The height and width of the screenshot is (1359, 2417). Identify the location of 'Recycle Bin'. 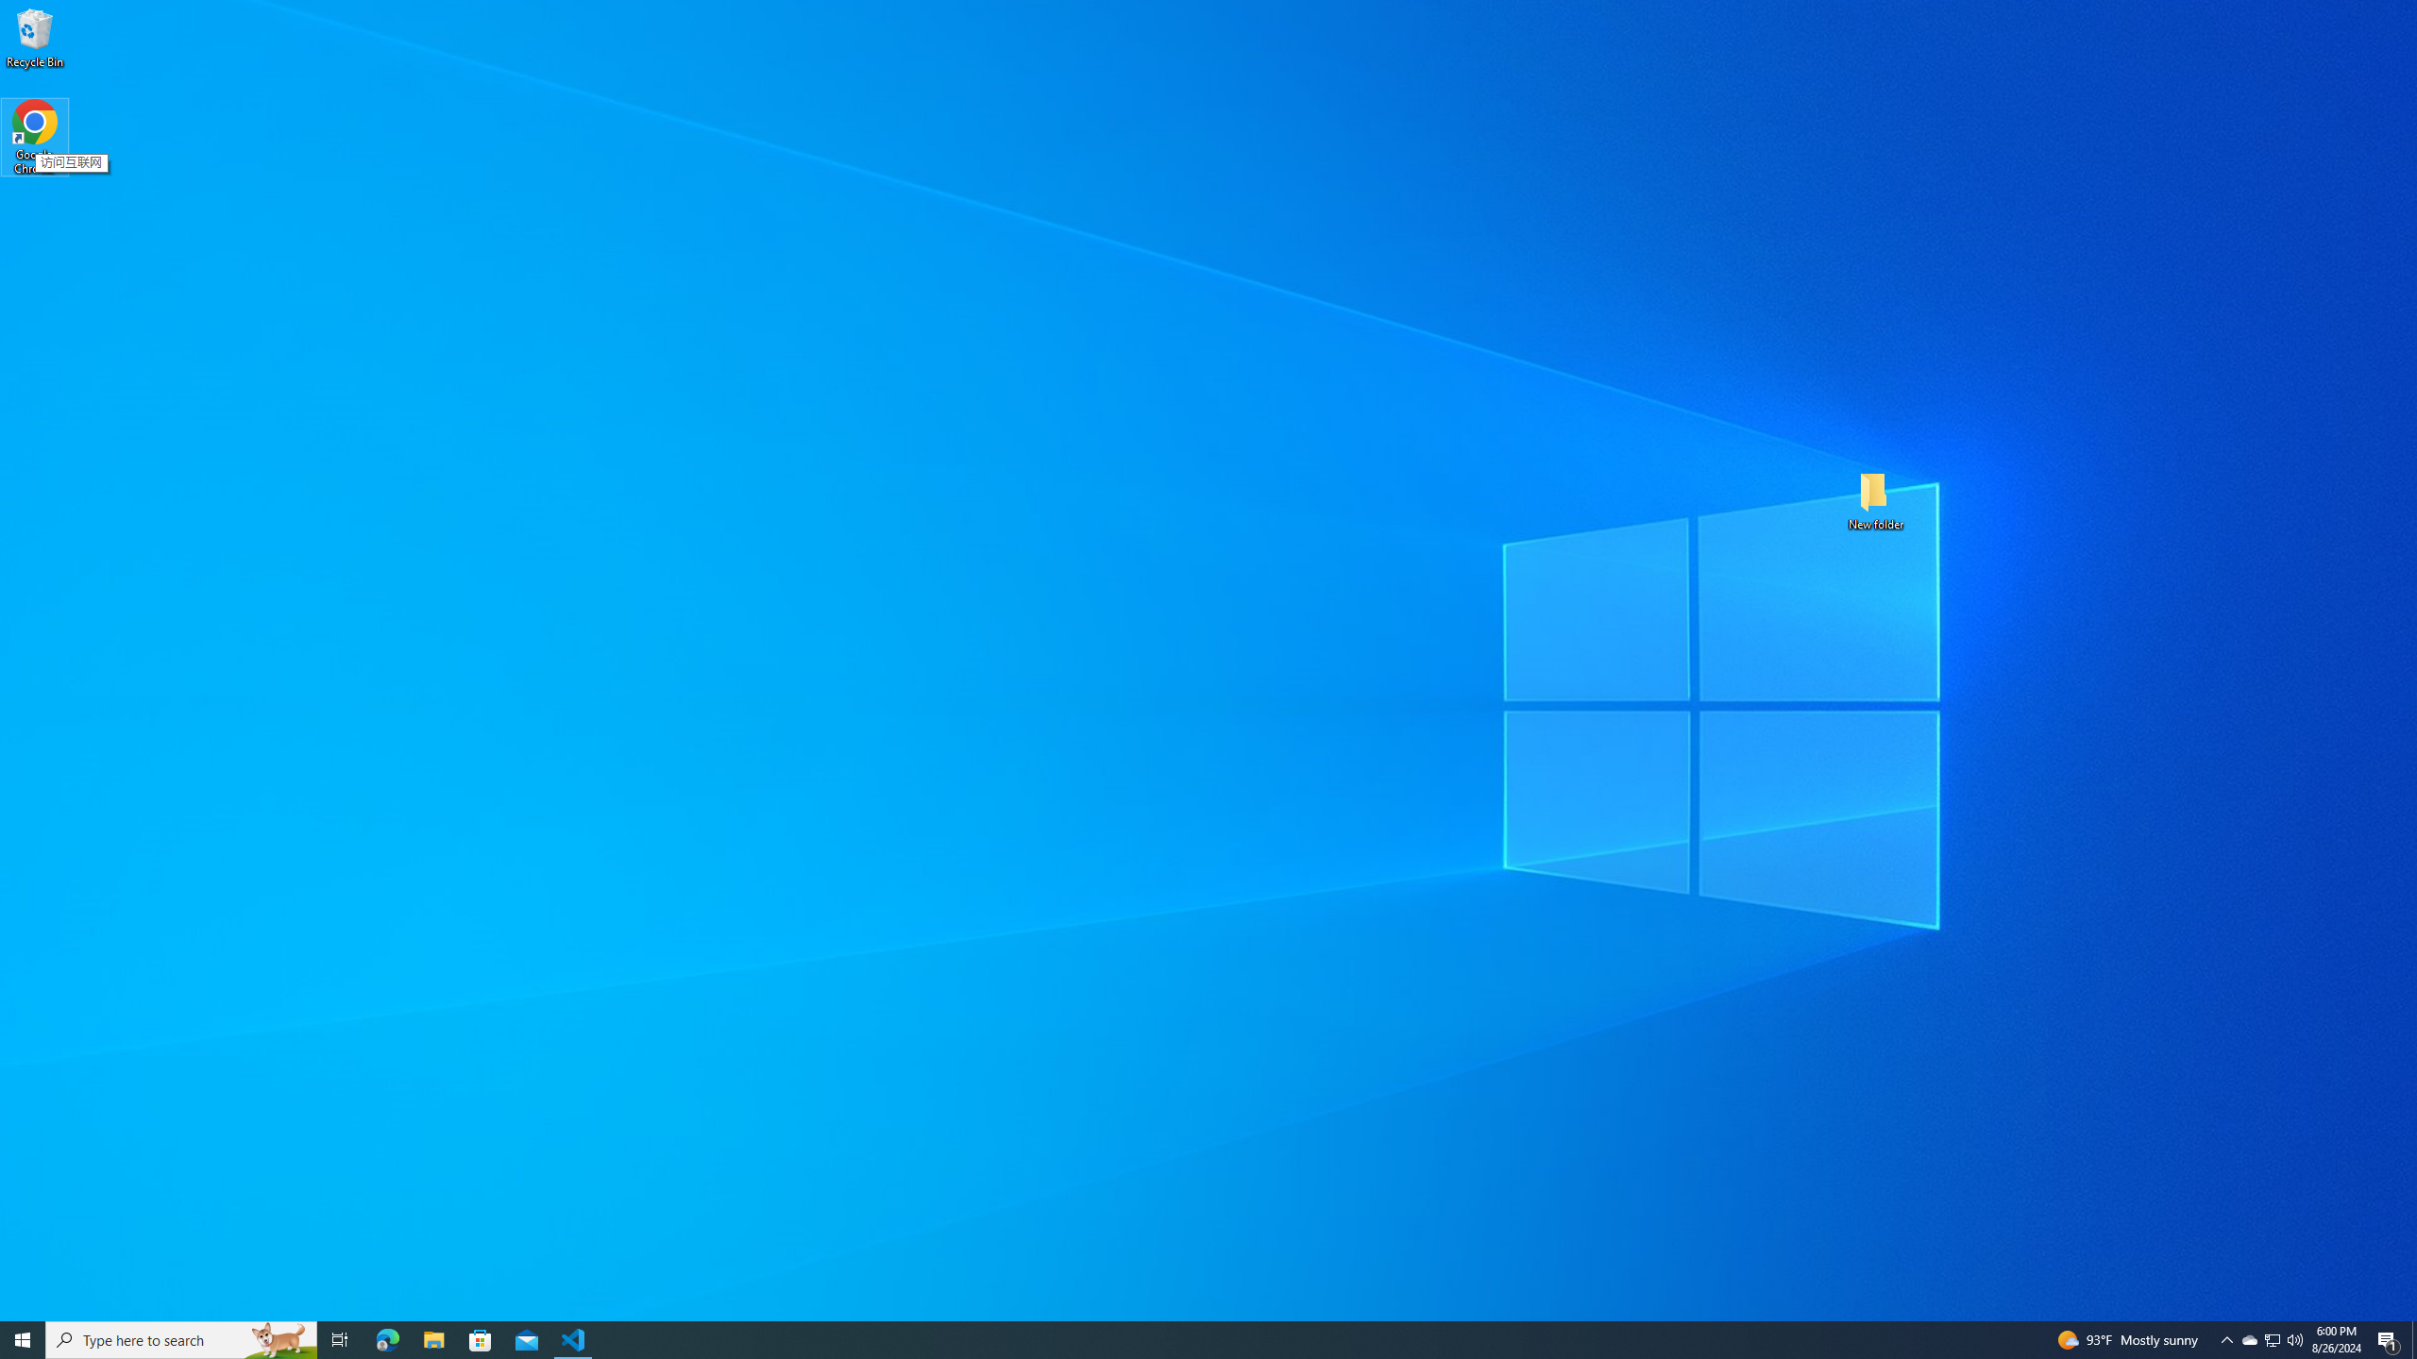
(34, 36).